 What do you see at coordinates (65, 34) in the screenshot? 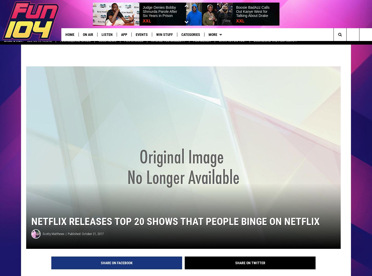
I see `'Home'` at bounding box center [65, 34].